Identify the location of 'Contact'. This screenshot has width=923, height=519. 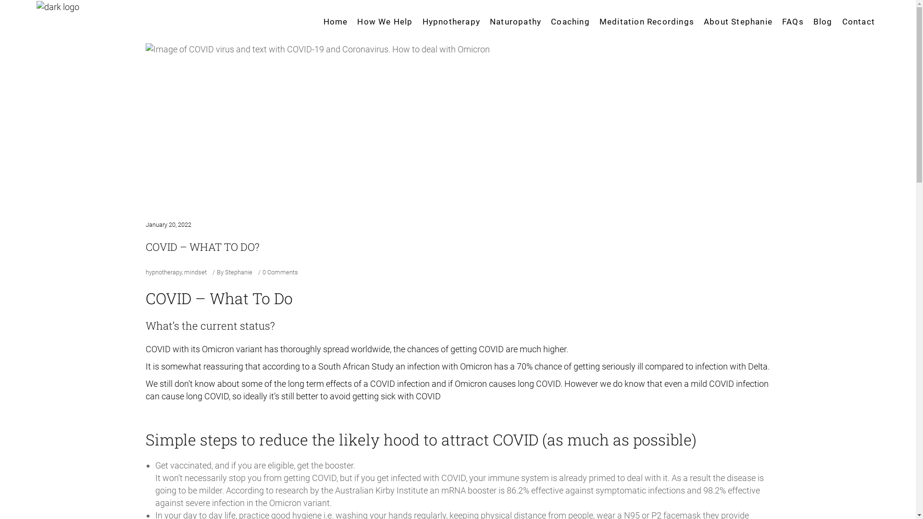
(837, 22).